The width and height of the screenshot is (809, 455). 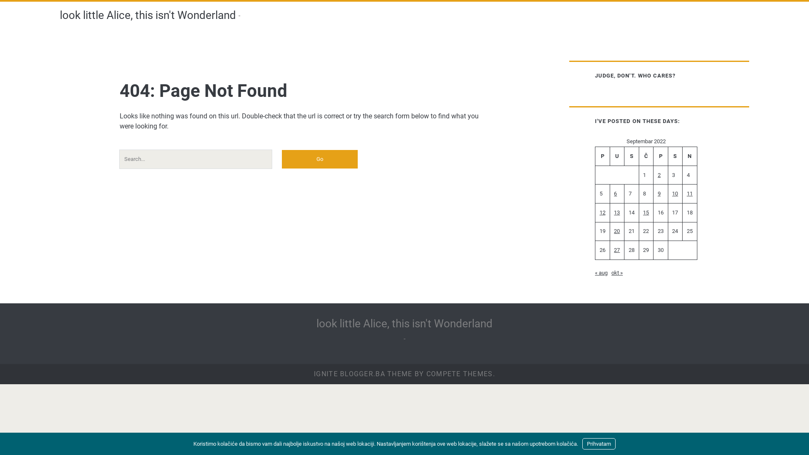 What do you see at coordinates (404, 323) in the screenshot?
I see `'look little Alice, this isn't Wonderland'` at bounding box center [404, 323].